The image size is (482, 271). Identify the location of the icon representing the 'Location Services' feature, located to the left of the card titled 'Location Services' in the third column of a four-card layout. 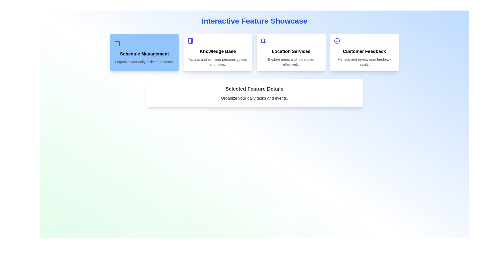
(263, 40).